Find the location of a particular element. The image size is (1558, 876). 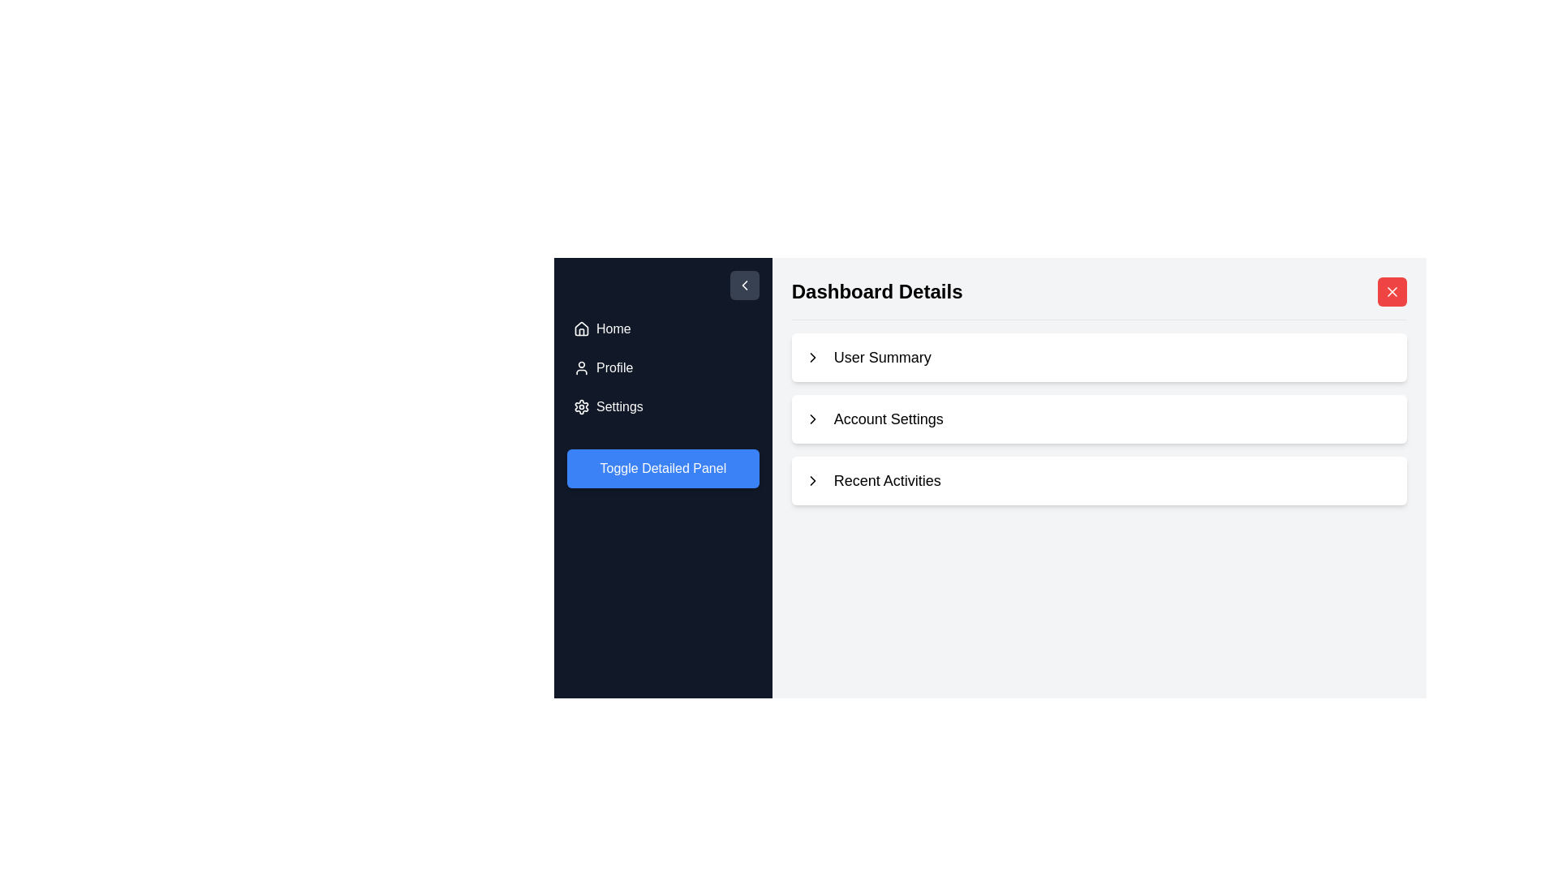

the 'Home' label in the vertical navigation sidebar, which serves as a redirect to the main page is located at coordinates (613, 328).